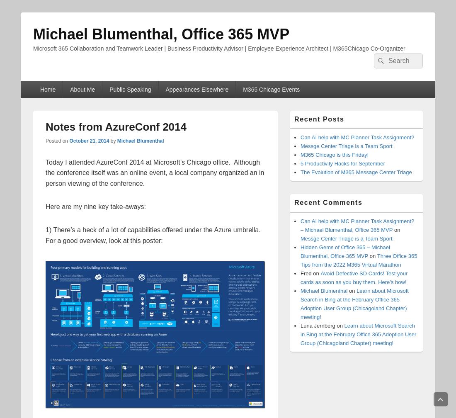  What do you see at coordinates (57, 140) in the screenshot?
I see `'Posted on'` at bounding box center [57, 140].